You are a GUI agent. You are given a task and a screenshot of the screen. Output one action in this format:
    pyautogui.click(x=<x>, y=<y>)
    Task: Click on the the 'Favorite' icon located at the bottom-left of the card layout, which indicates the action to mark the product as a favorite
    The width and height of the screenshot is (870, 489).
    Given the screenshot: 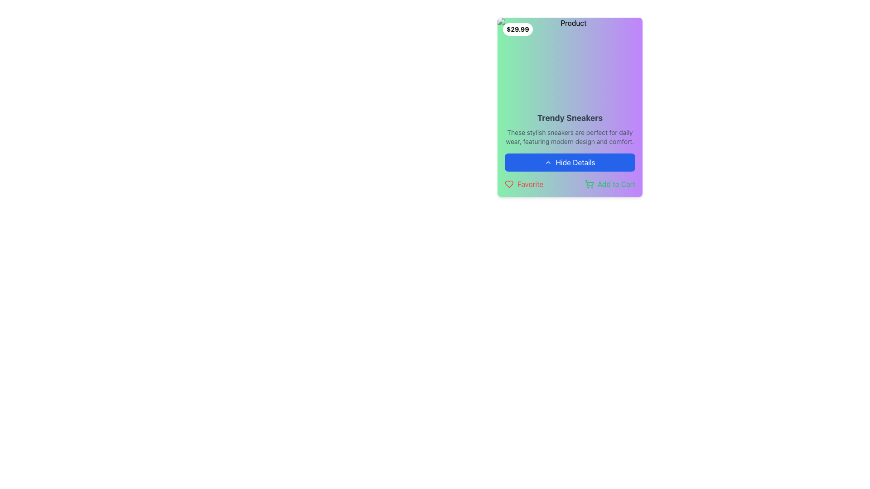 What is the action you would take?
    pyautogui.click(x=509, y=184)
    